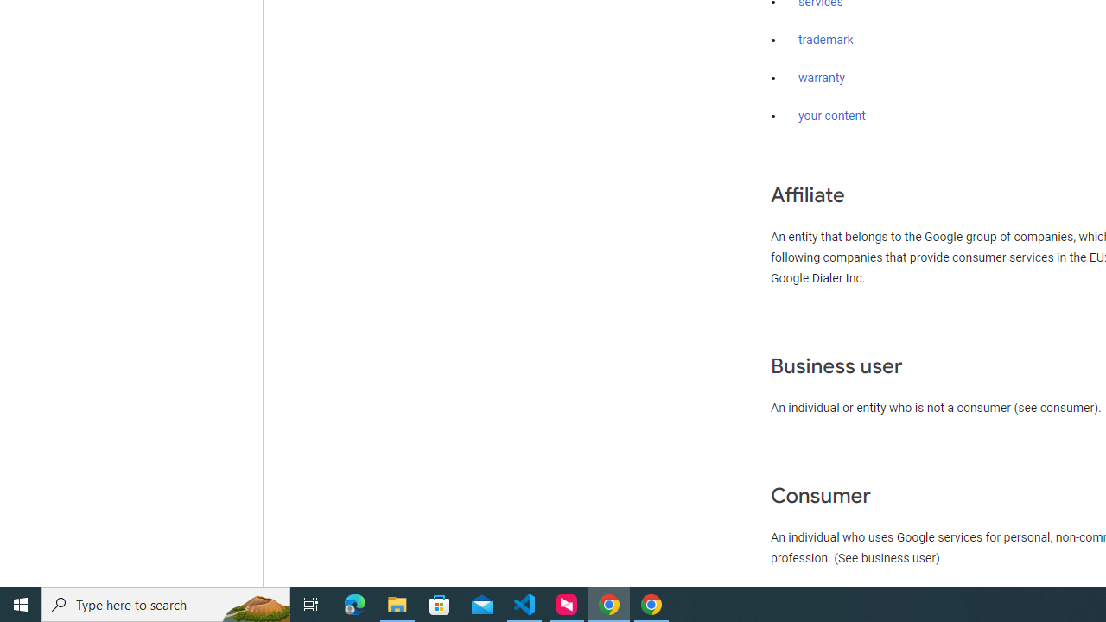 The height and width of the screenshot is (622, 1106). I want to click on 'warranty', so click(821, 79).